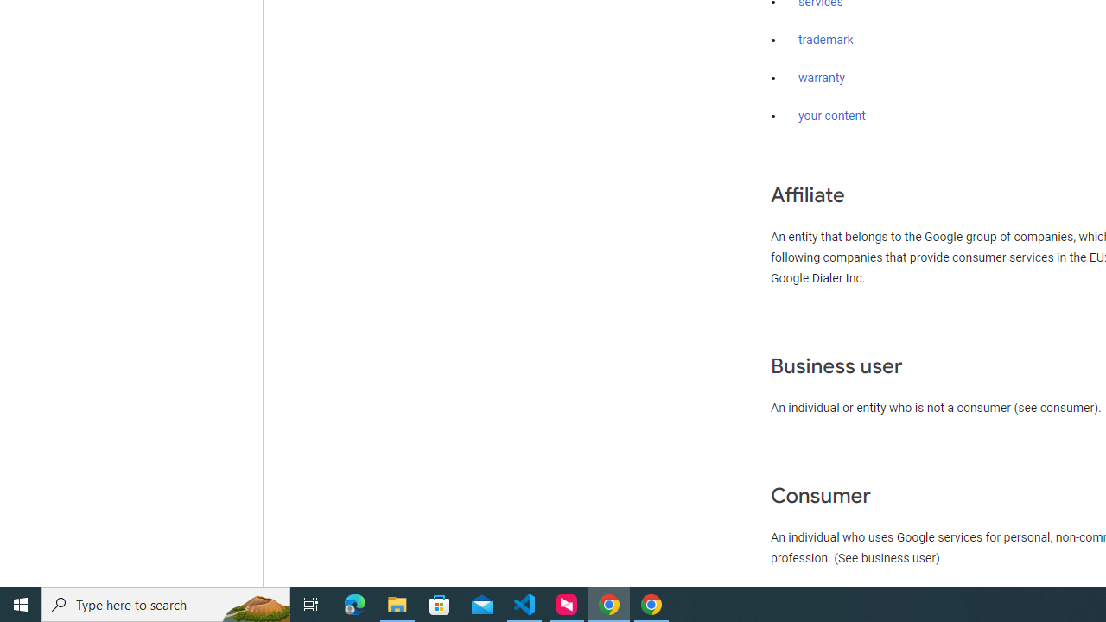 The height and width of the screenshot is (622, 1106). I want to click on 'warranty', so click(821, 79).